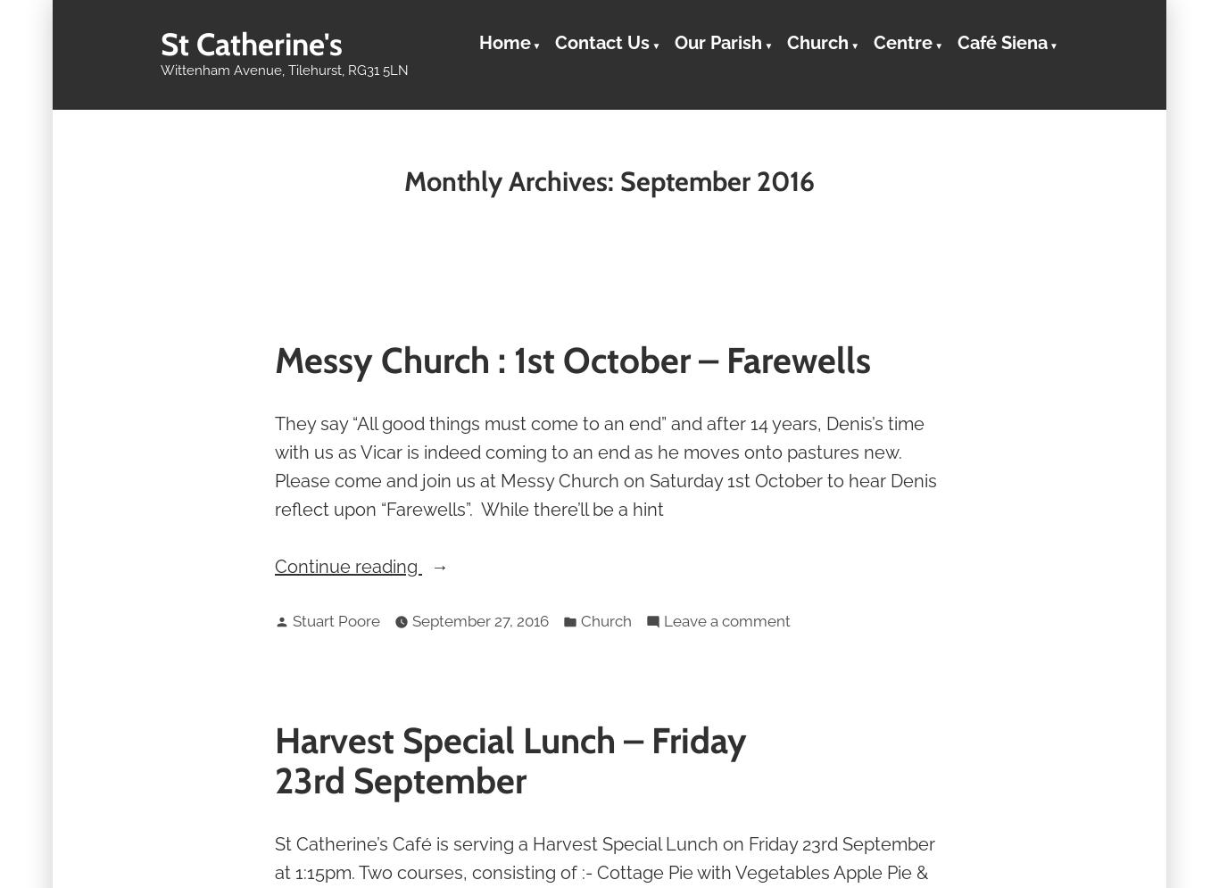 This screenshot has height=888, width=1219. What do you see at coordinates (1001, 41) in the screenshot?
I see `'Café Siena'` at bounding box center [1001, 41].